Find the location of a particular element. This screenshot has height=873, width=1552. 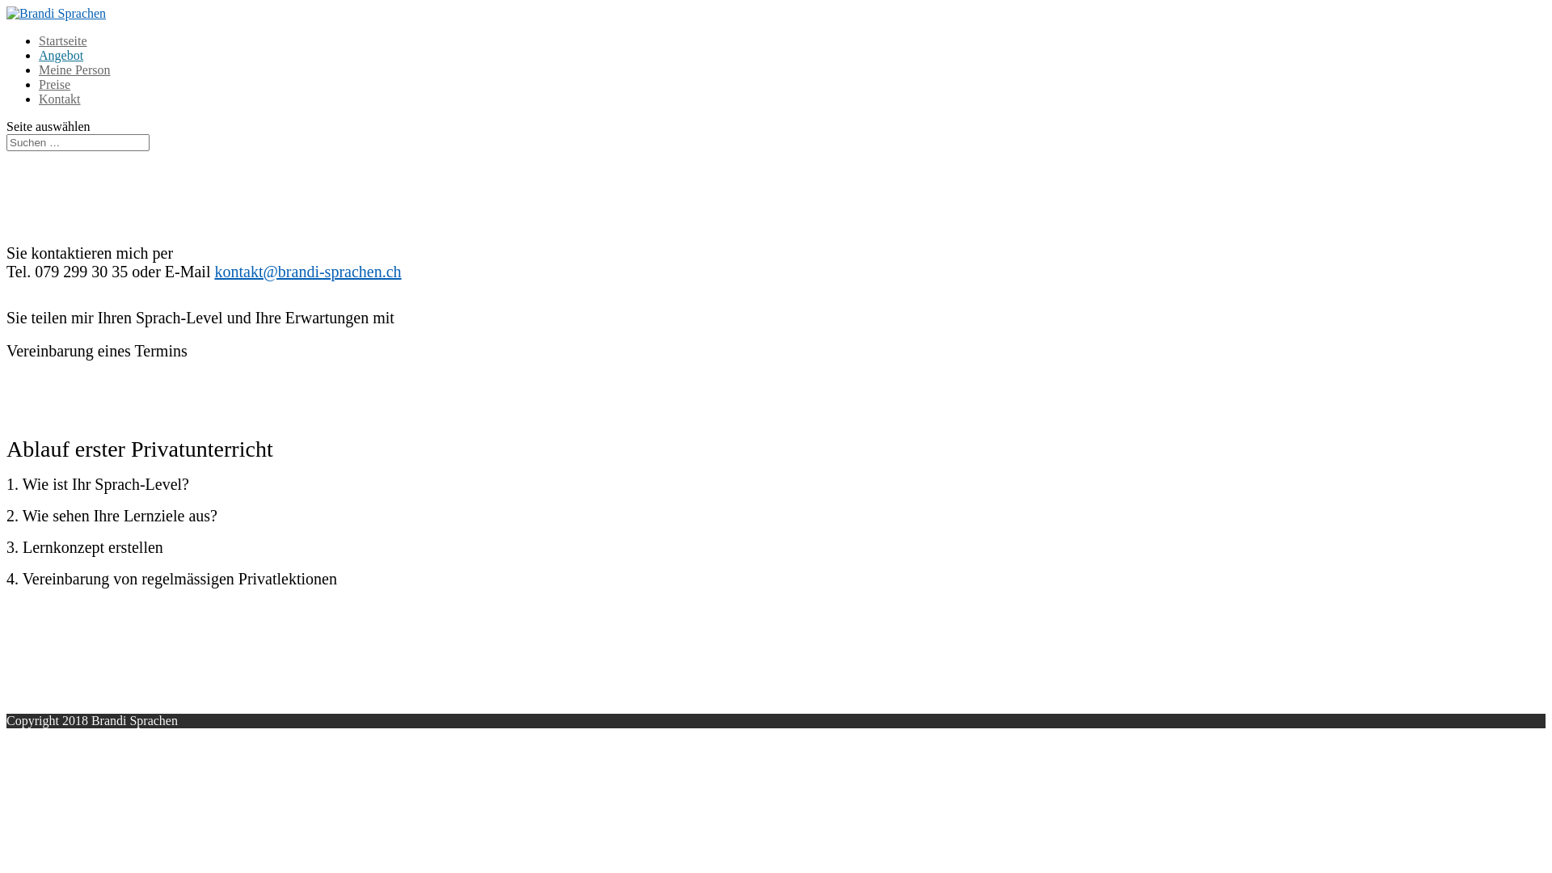

'Kontakt' is located at coordinates (59, 99).